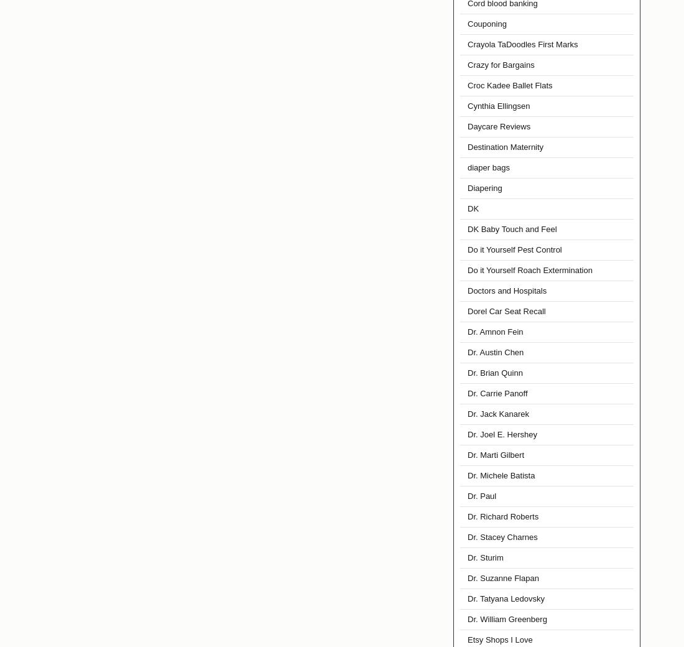  I want to click on 'Dr. Amnon Fein', so click(495, 331).